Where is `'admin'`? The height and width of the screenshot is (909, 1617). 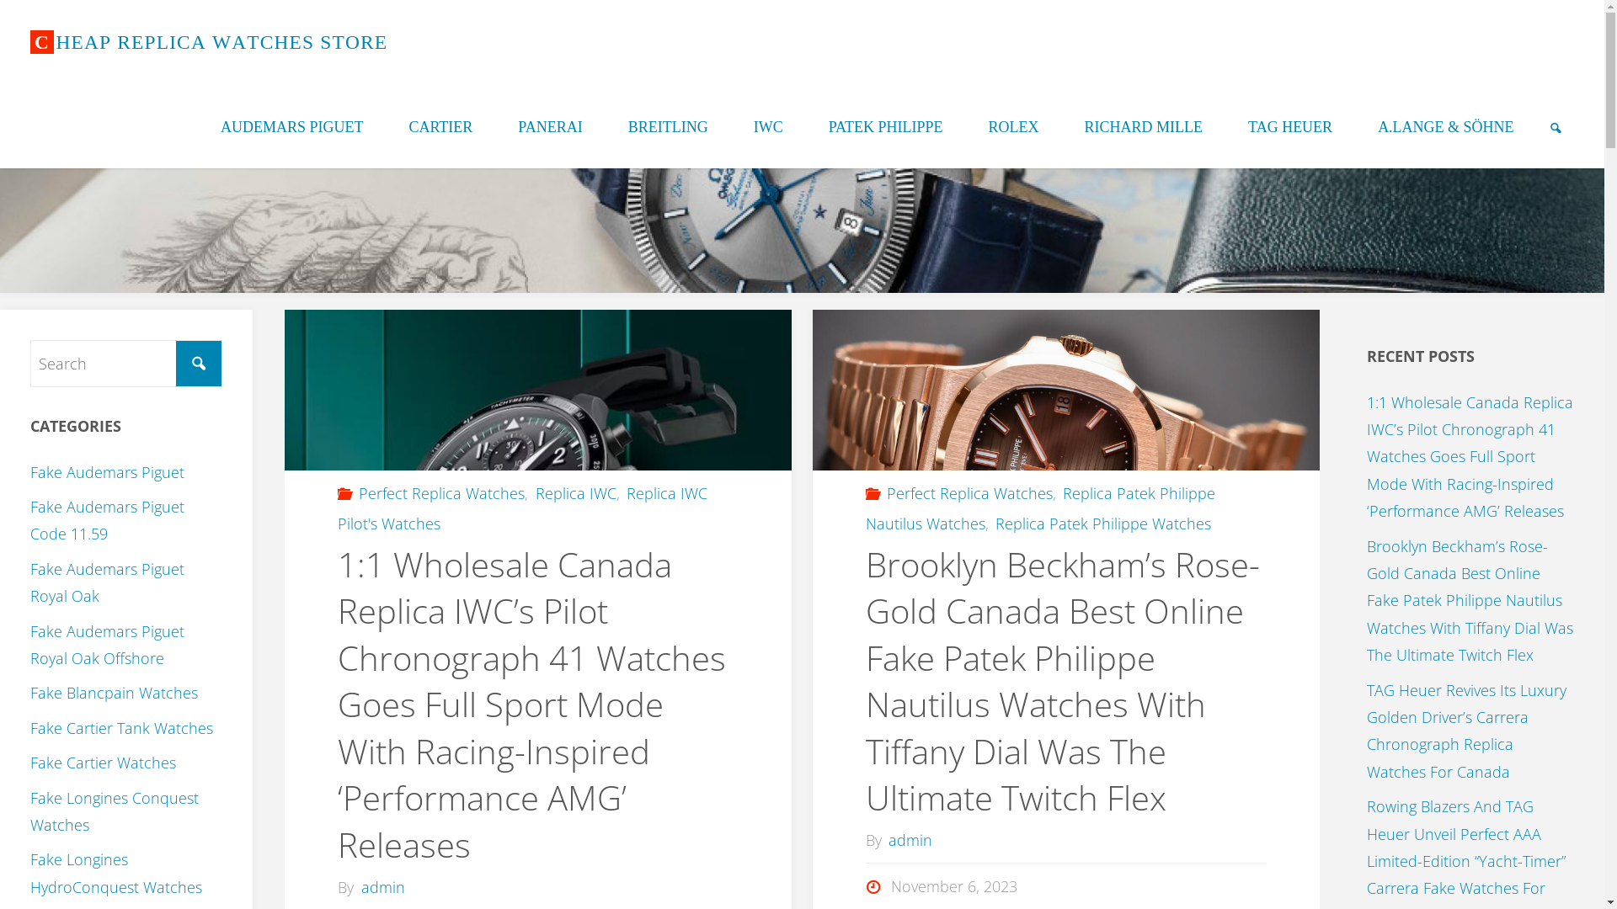
'admin' is located at coordinates (357, 885).